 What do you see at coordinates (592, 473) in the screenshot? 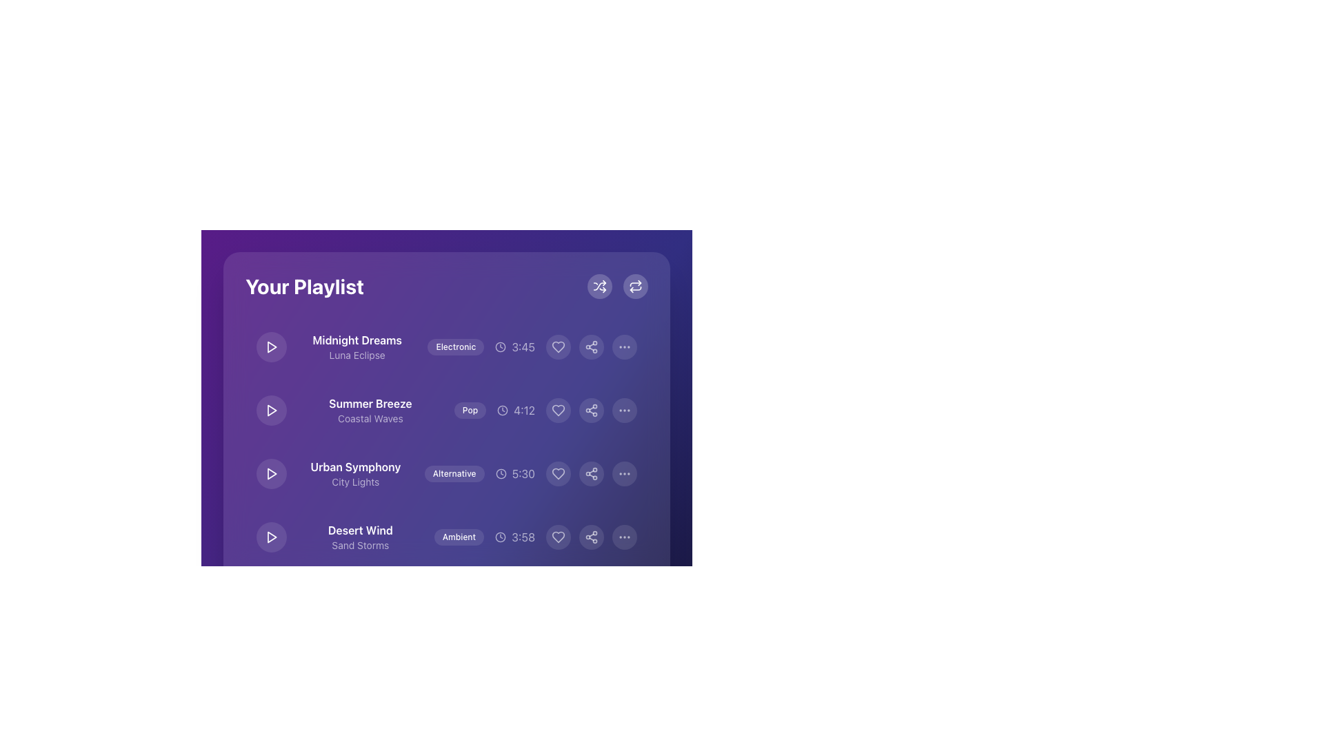
I see `the circular share button with three connected dots located to the right of the track titled 'Urban Symphony'` at bounding box center [592, 473].